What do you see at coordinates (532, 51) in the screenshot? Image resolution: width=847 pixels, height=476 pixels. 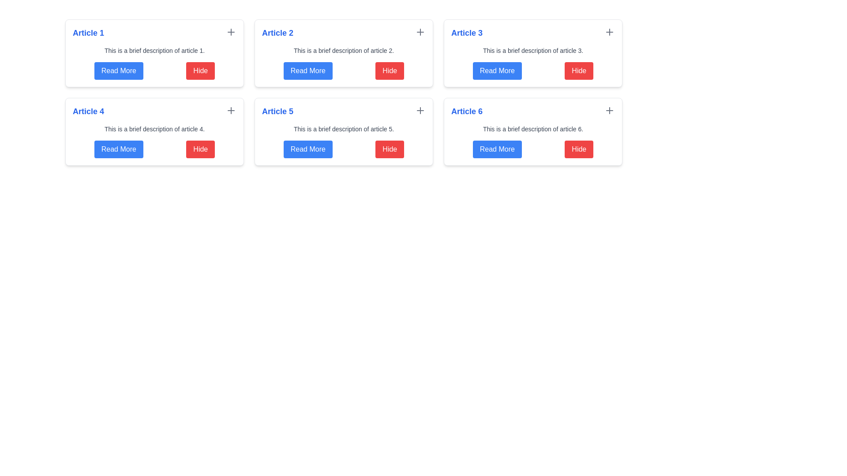 I see `the static text element providing a brief description of the content in the 'Article 3' section, located directly below the 'Article 3' header` at bounding box center [532, 51].